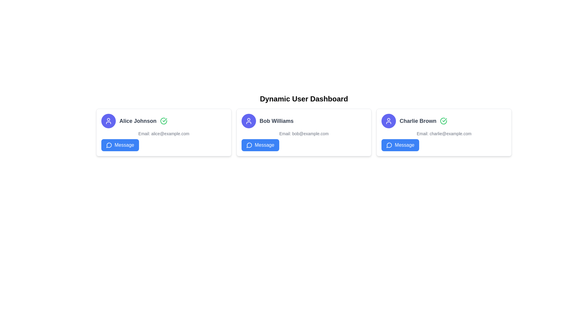  I want to click on the text label displaying the email 'Email: charlie@example.com' below the name 'Charlie Brown' in the user card, so click(444, 133).